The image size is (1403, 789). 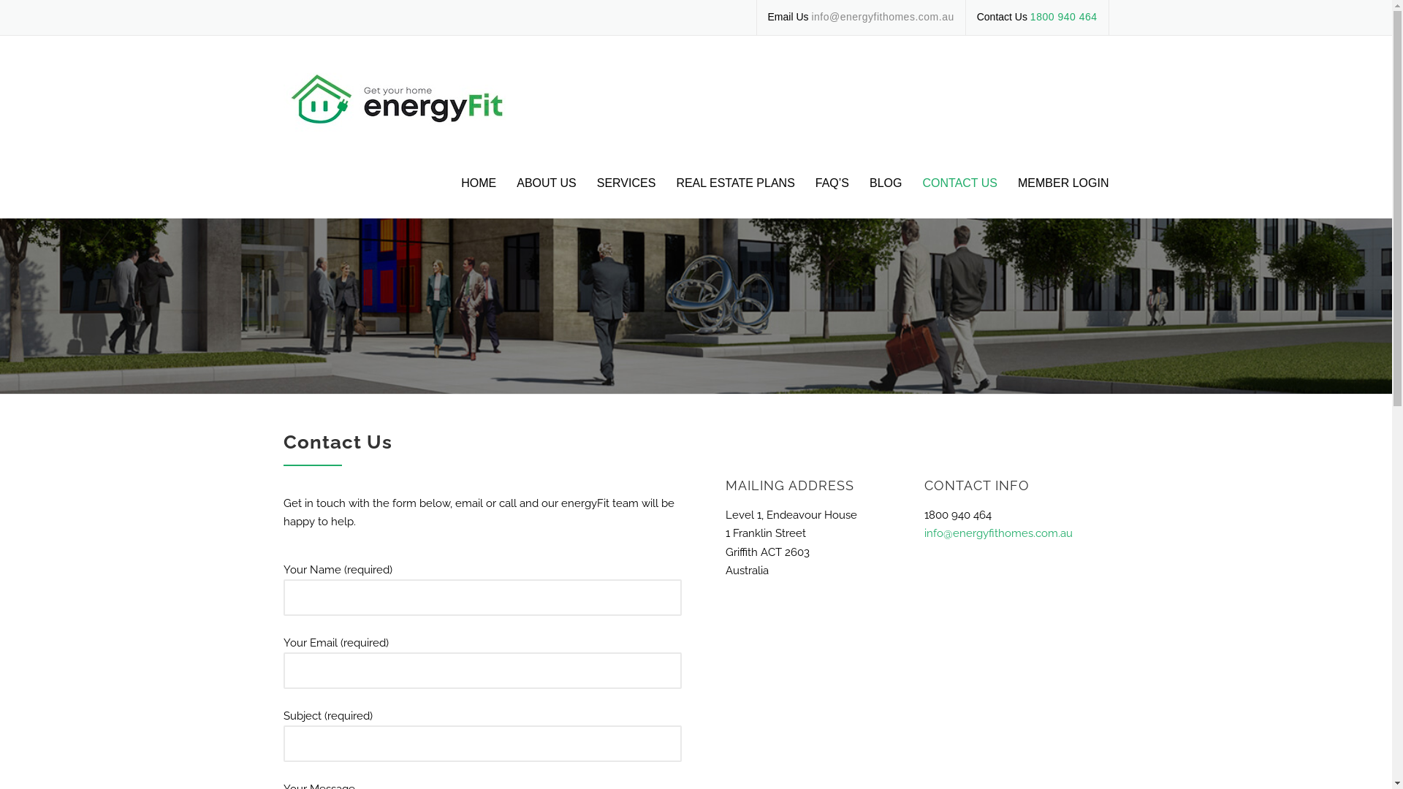 I want to click on 'REAL ESTATE PLANS', so click(x=735, y=194).